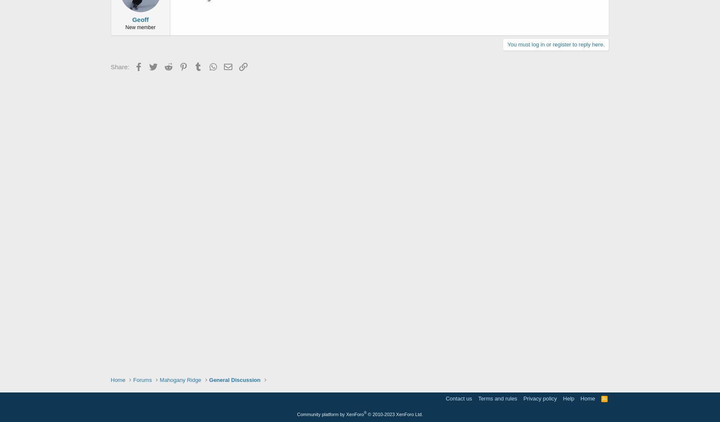 Image resolution: width=720 pixels, height=422 pixels. I want to click on '© 2010-2023 XenForo Ltd.', so click(395, 414).